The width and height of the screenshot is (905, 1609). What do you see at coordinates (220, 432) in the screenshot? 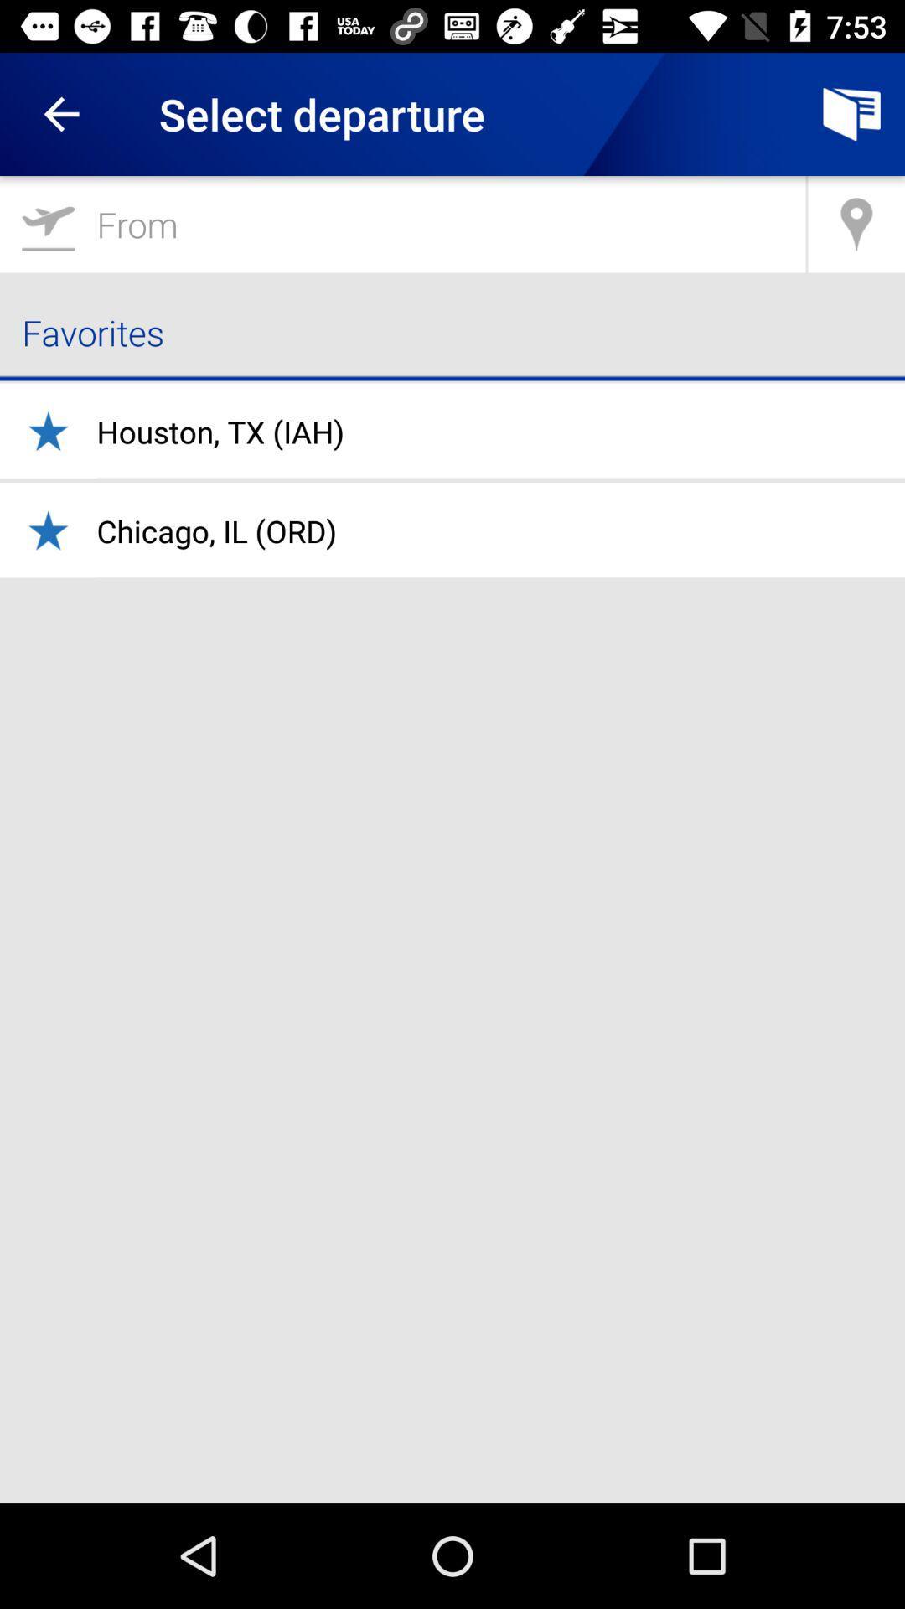
I see `the houston, tx (iah)` at bounding box center [220, 432].